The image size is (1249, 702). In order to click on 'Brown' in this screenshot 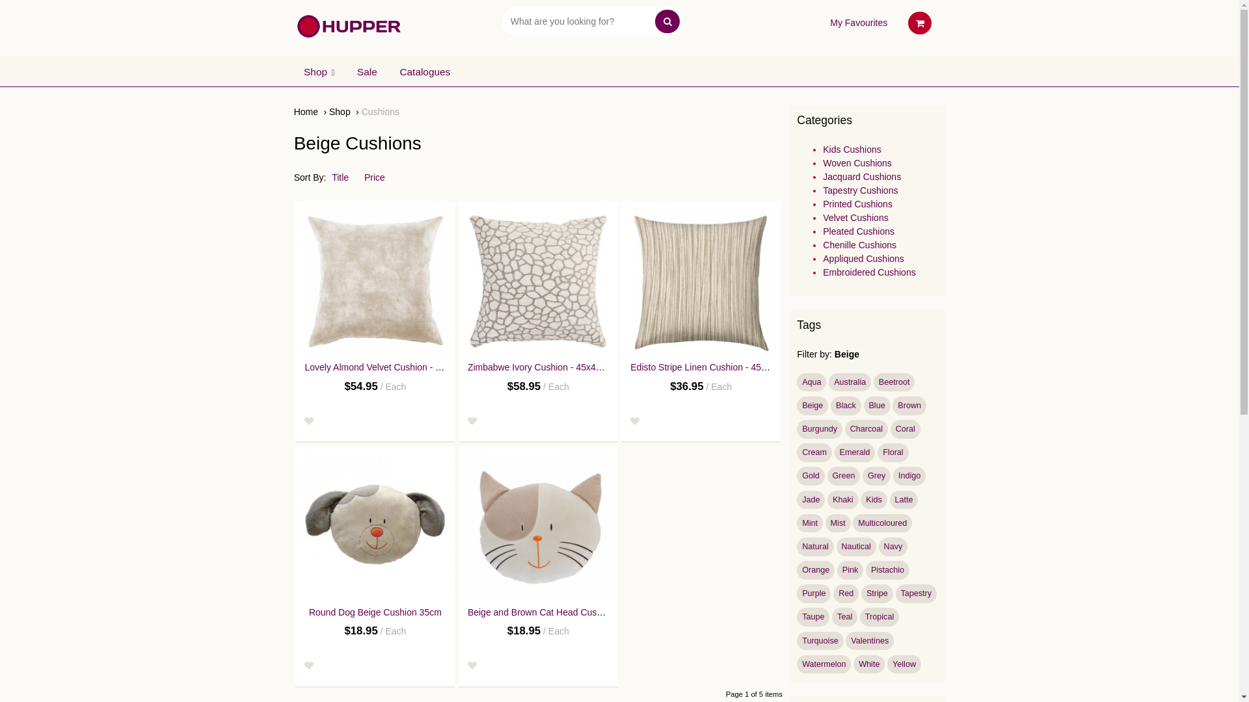, I will do `click(908, 405)`.